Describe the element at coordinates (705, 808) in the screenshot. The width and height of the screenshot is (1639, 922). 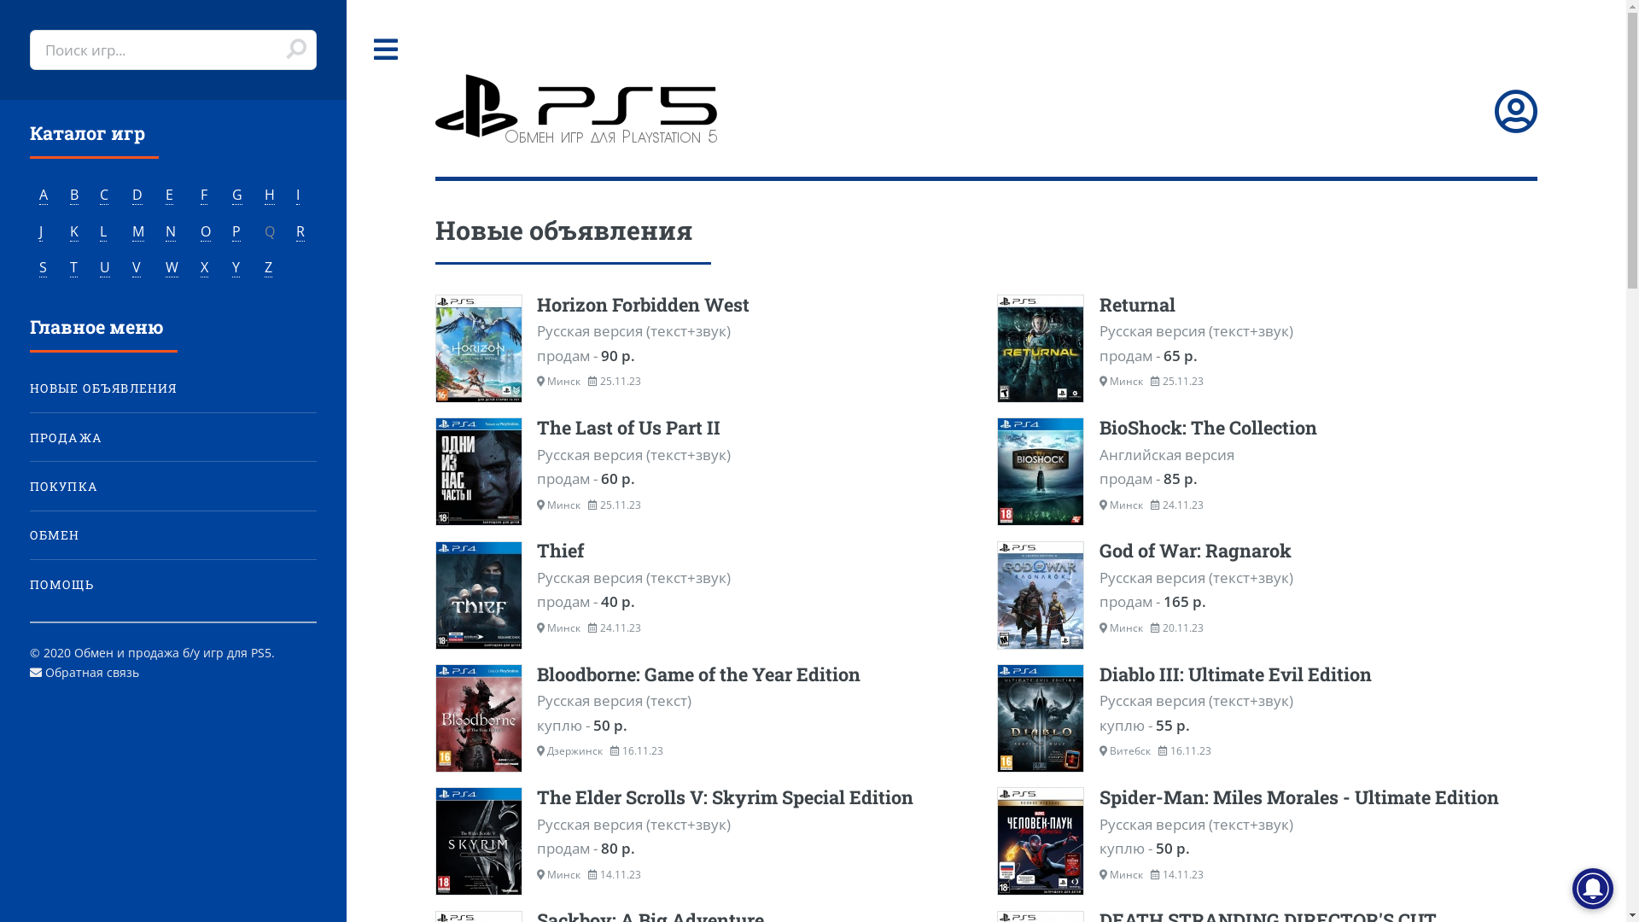
I see `'The Elder Scrolls V: Skyrim Special Edition'` at that location.